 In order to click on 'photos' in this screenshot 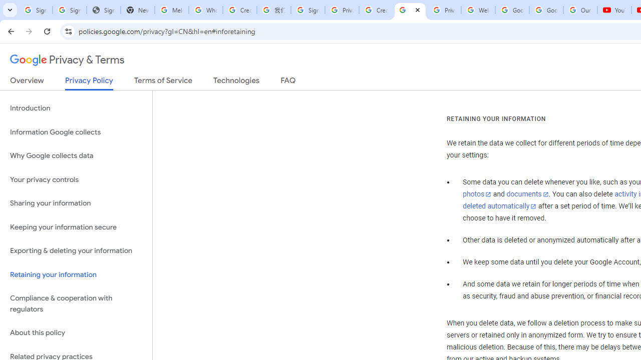, I will do `click(476, 194)`.